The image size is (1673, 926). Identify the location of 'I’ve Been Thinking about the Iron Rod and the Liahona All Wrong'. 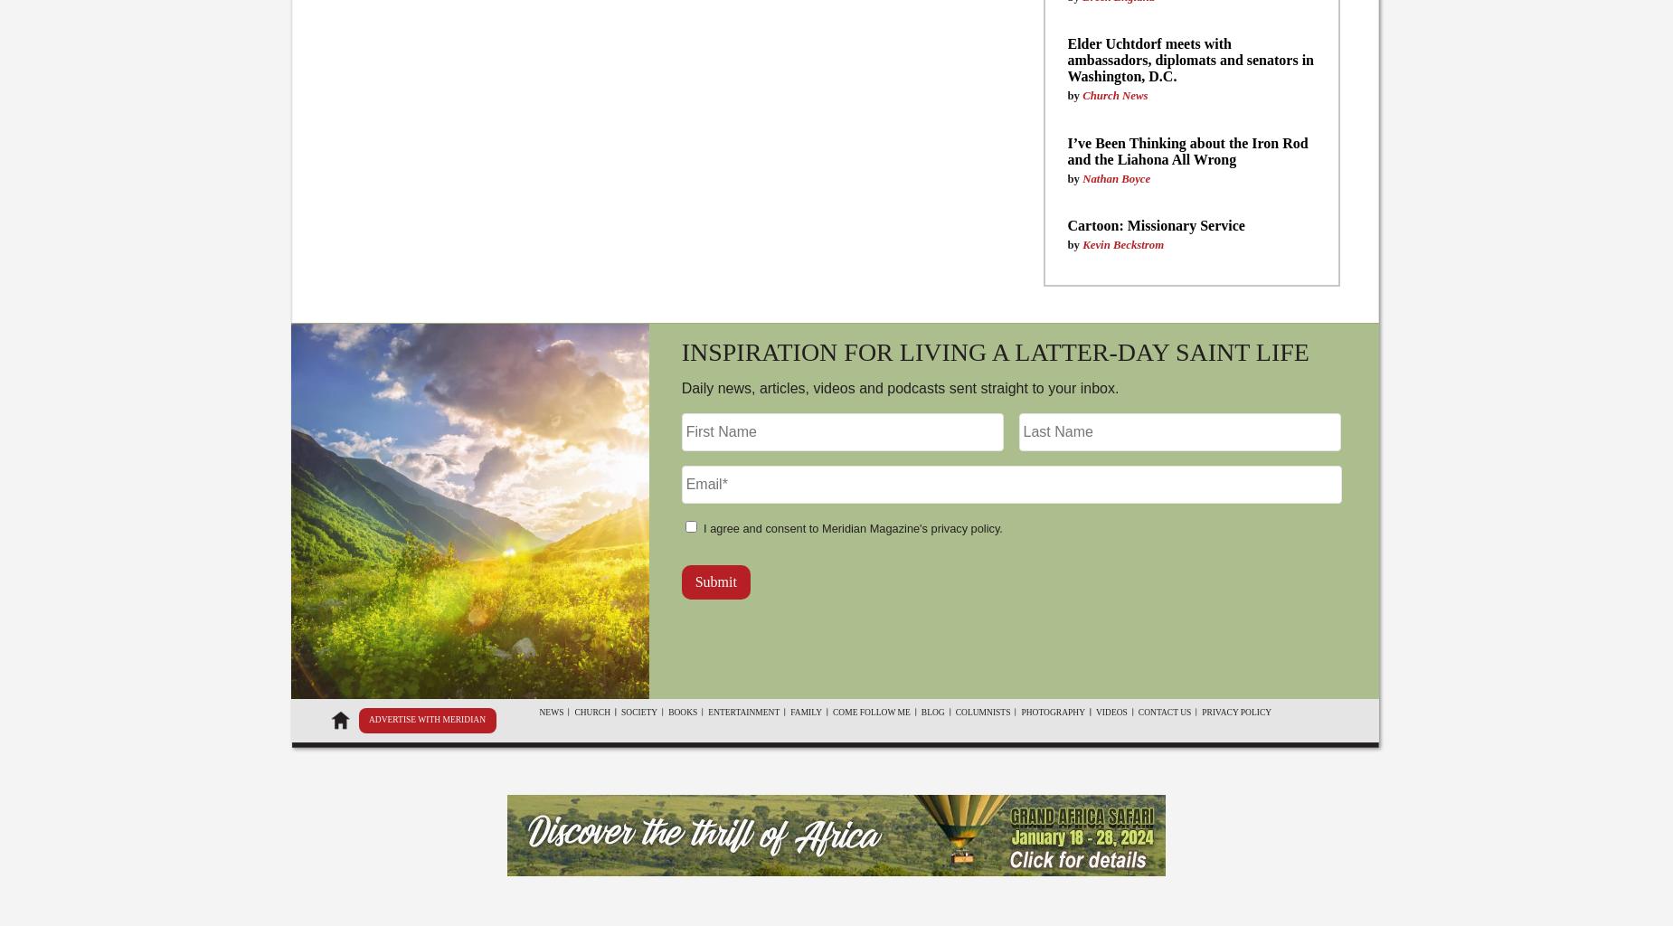
(1186, 149).